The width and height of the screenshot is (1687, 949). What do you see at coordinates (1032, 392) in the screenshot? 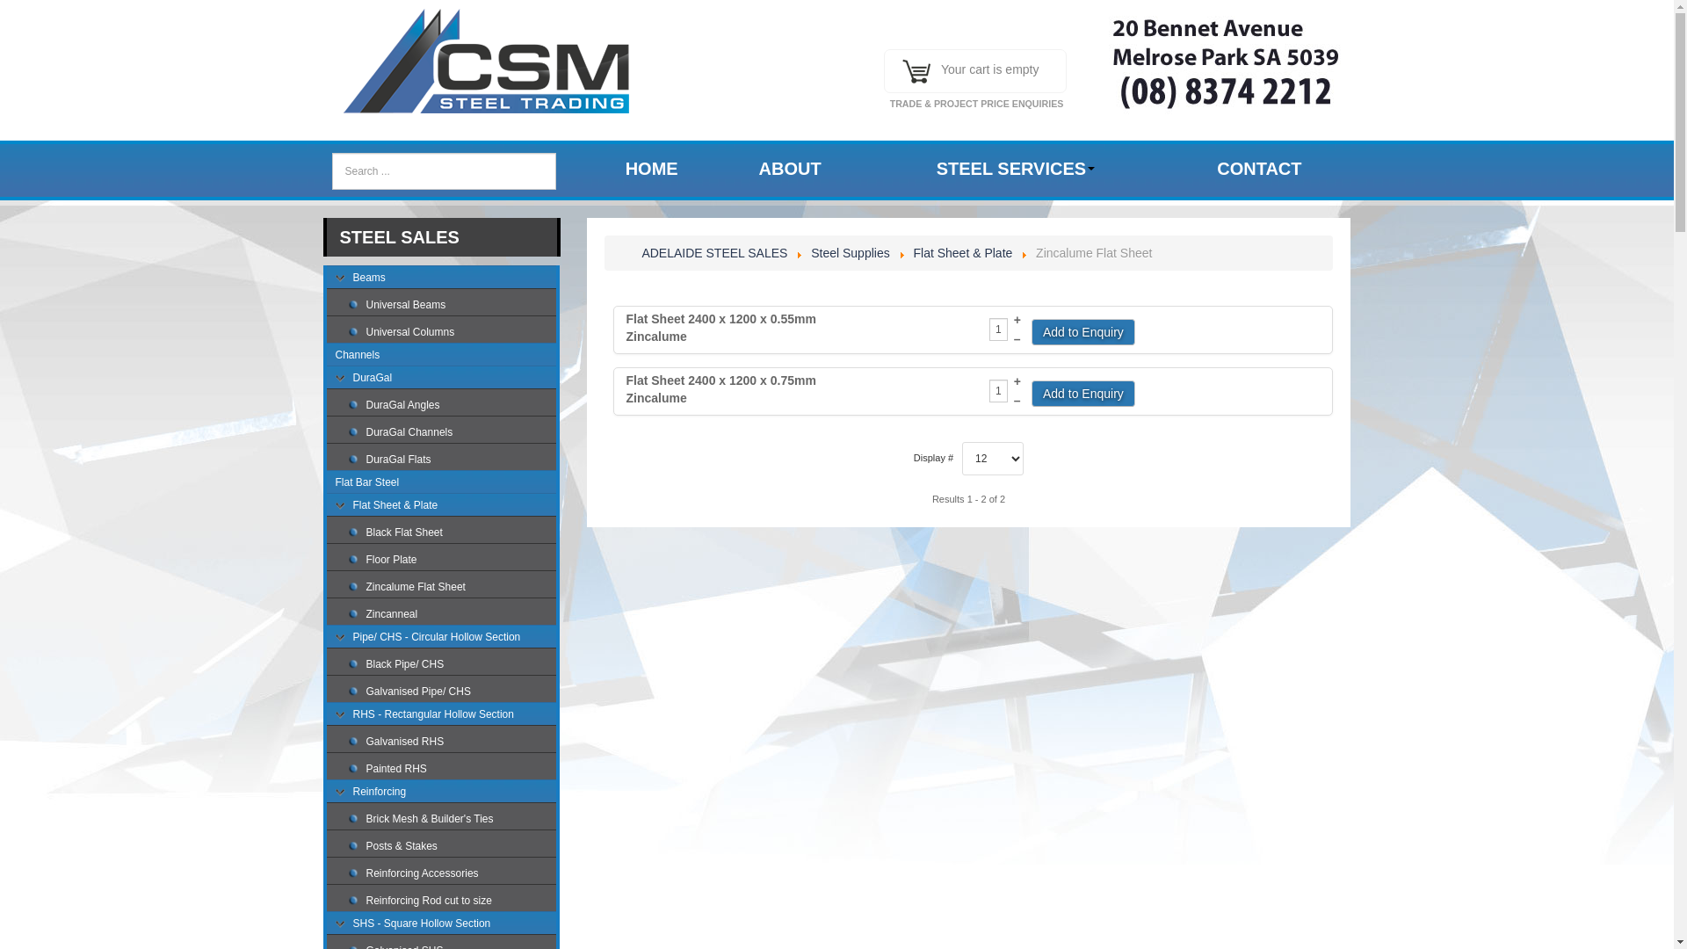
I see `'Add to Enquiry'` at bounding box center [1032, 392].